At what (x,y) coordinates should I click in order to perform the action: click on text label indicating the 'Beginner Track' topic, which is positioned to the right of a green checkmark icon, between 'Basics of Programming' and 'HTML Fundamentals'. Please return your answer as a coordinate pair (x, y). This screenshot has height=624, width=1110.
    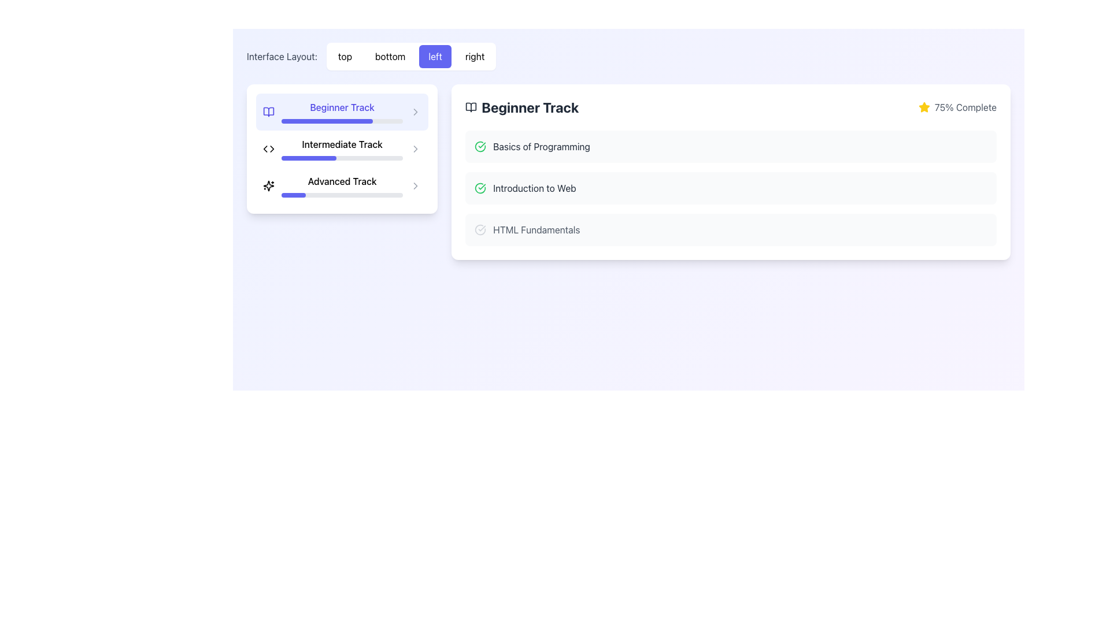
    Looking at the image, I should click on (534, 188).